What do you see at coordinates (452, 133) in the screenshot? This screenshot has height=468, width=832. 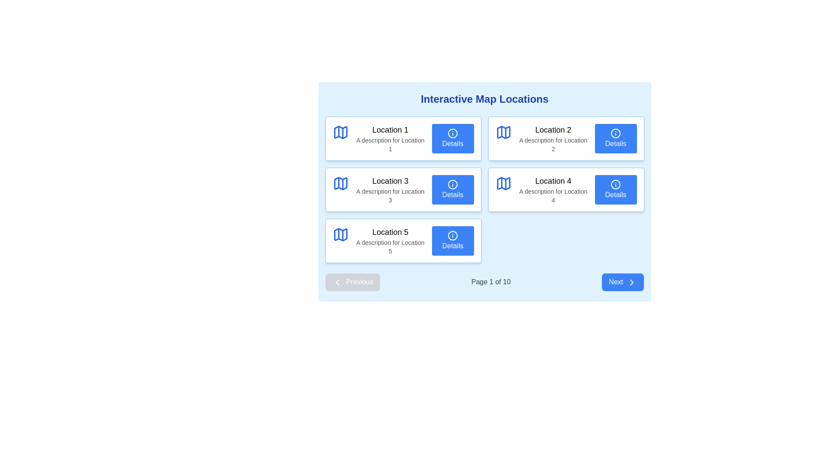 I see `the icon that visually indicates the availability of additional information for the 'Details' button located in the 'Location 1' section` at bounding box center [452, 133].